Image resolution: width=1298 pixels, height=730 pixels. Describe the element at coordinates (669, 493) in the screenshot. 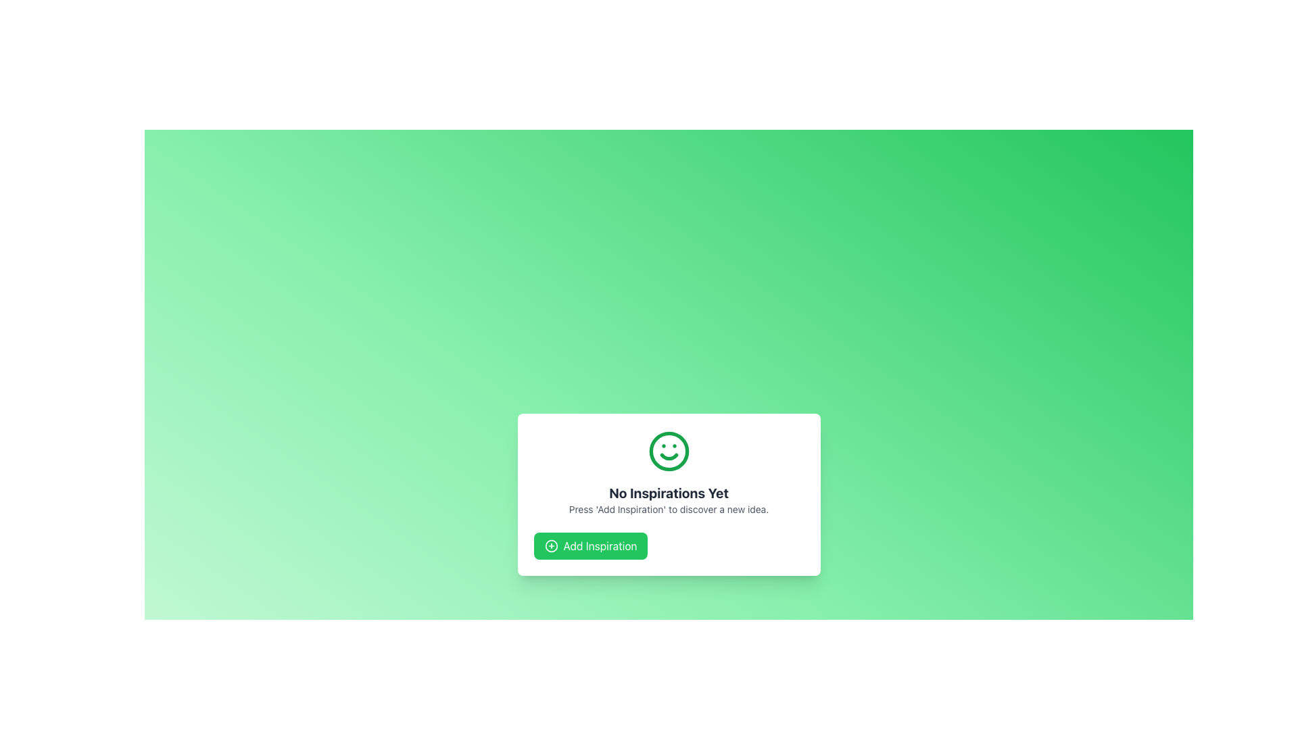

I see `the bolded text header that reads 'No Inspirations Yet', which is centrally located within a card-like structure` at that location.